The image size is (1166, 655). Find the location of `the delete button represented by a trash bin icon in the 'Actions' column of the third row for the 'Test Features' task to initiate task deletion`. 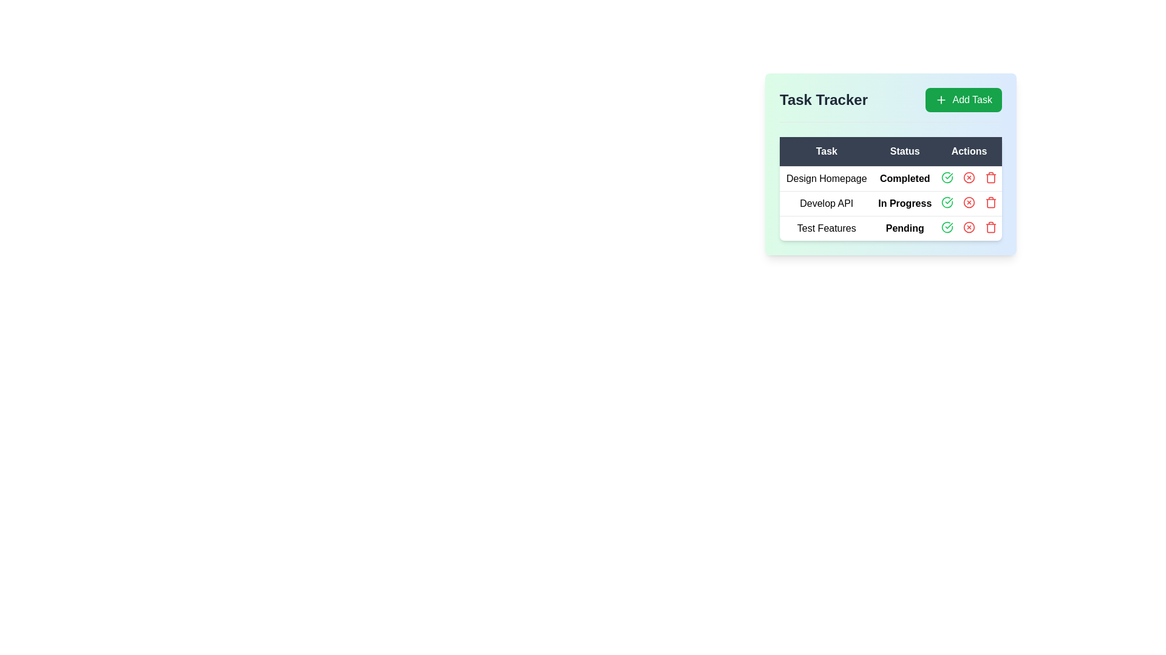

the delete button represented by a trash bin icon in the 'Actions' column of the third row for the 'Test Features' task to initiate task deletion is located at coordinates (991, 227).